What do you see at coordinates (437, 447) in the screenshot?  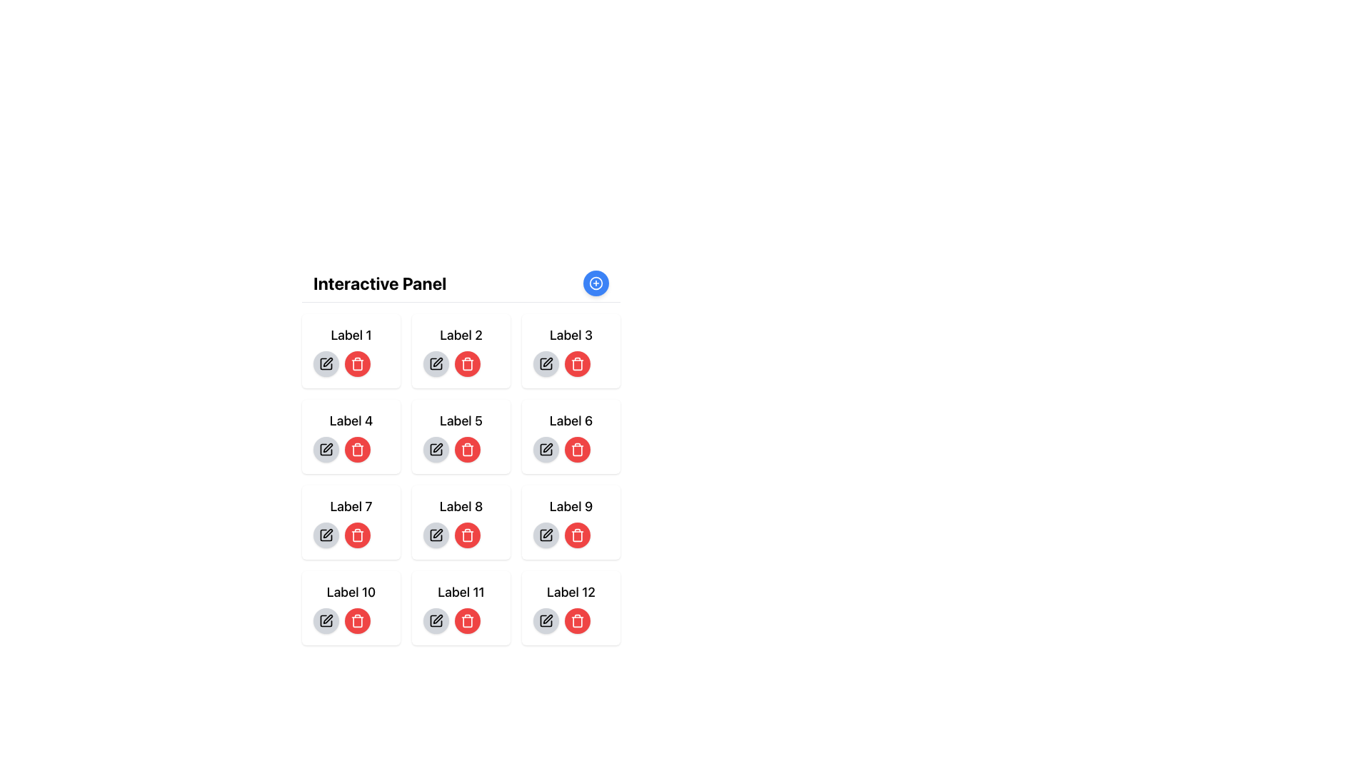 I see `the editing tool icon button located in the fifth grid cell under 'Label 5'` at bounding box center [437, 447].